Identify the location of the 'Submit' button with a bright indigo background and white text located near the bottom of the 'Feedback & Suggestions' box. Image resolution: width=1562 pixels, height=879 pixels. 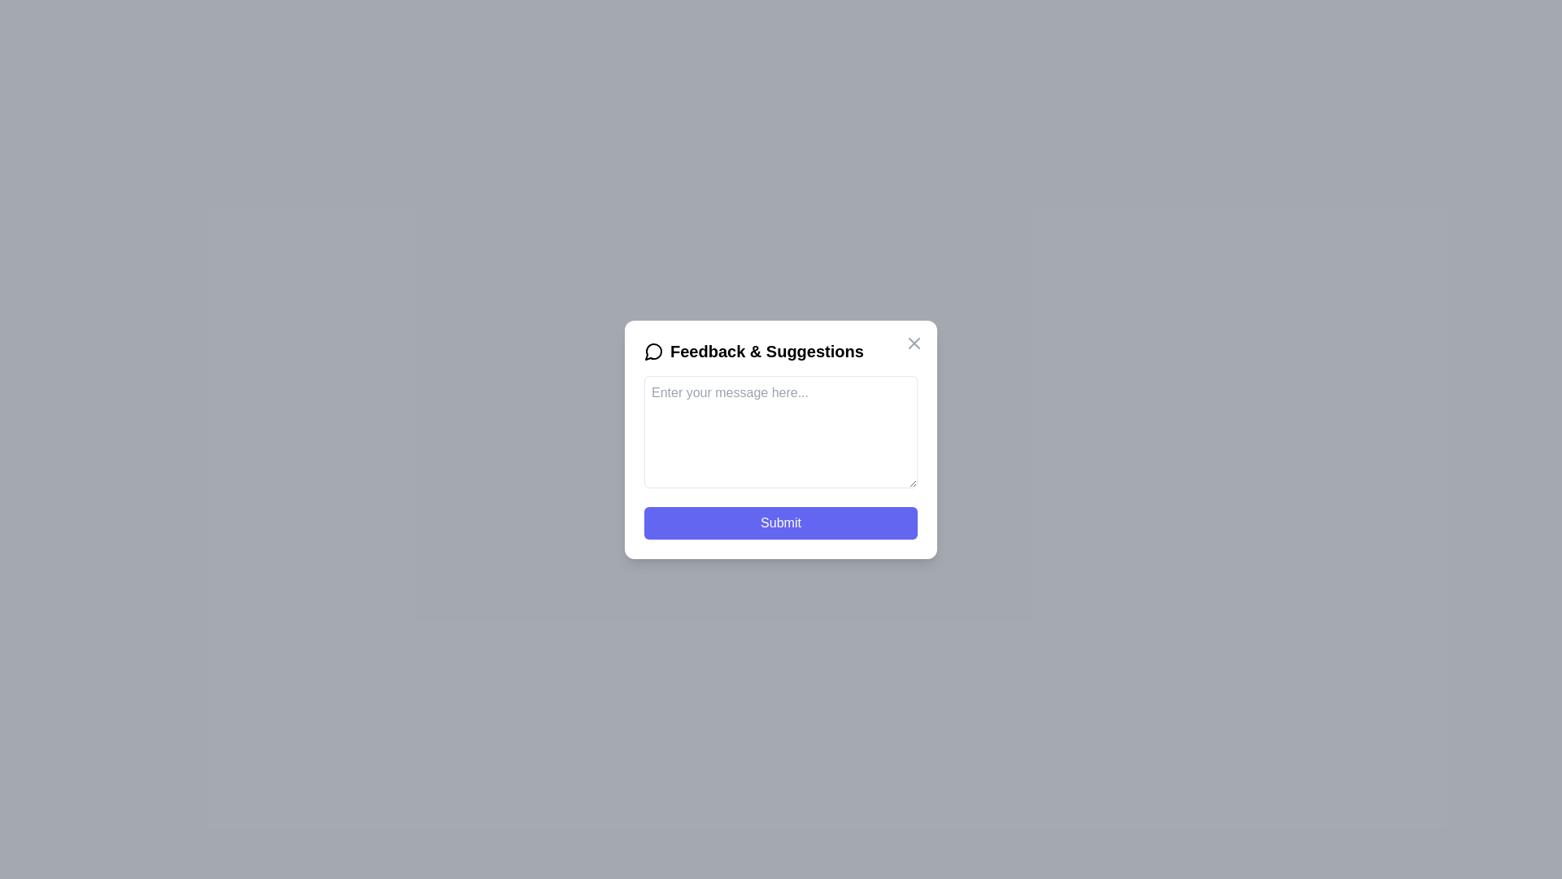
(781, 523).